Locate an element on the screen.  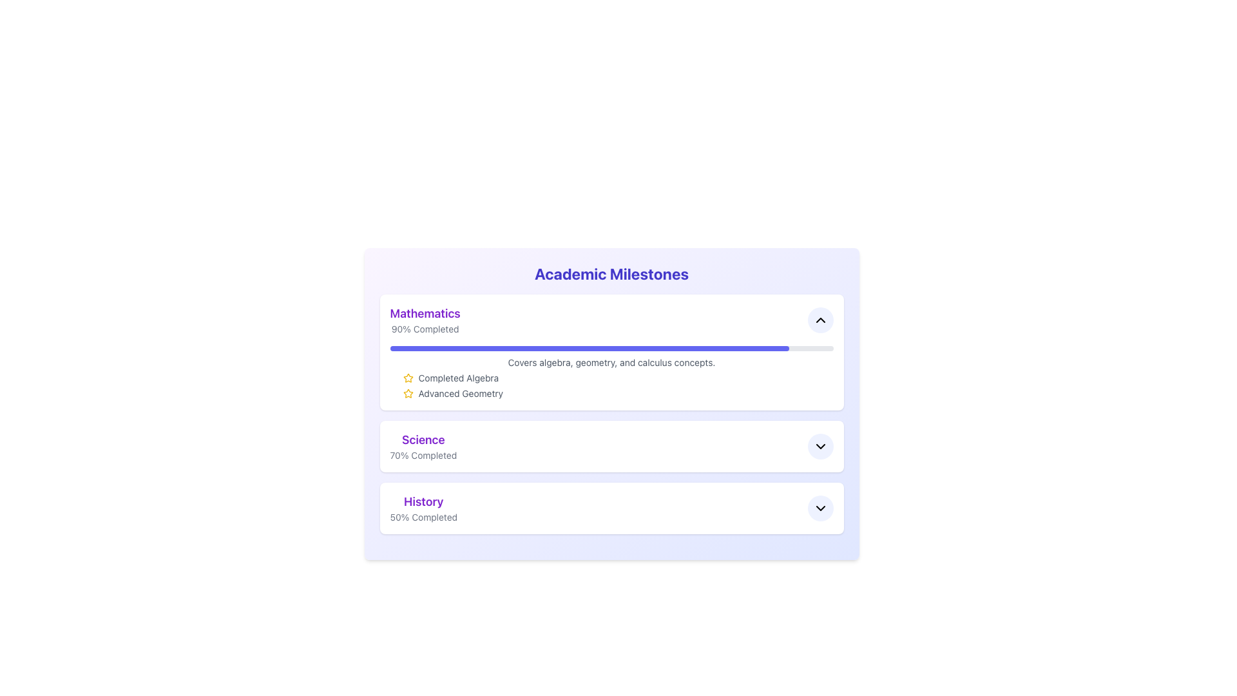
the expandable item for the Science subject is located at coordinates (611, 446).